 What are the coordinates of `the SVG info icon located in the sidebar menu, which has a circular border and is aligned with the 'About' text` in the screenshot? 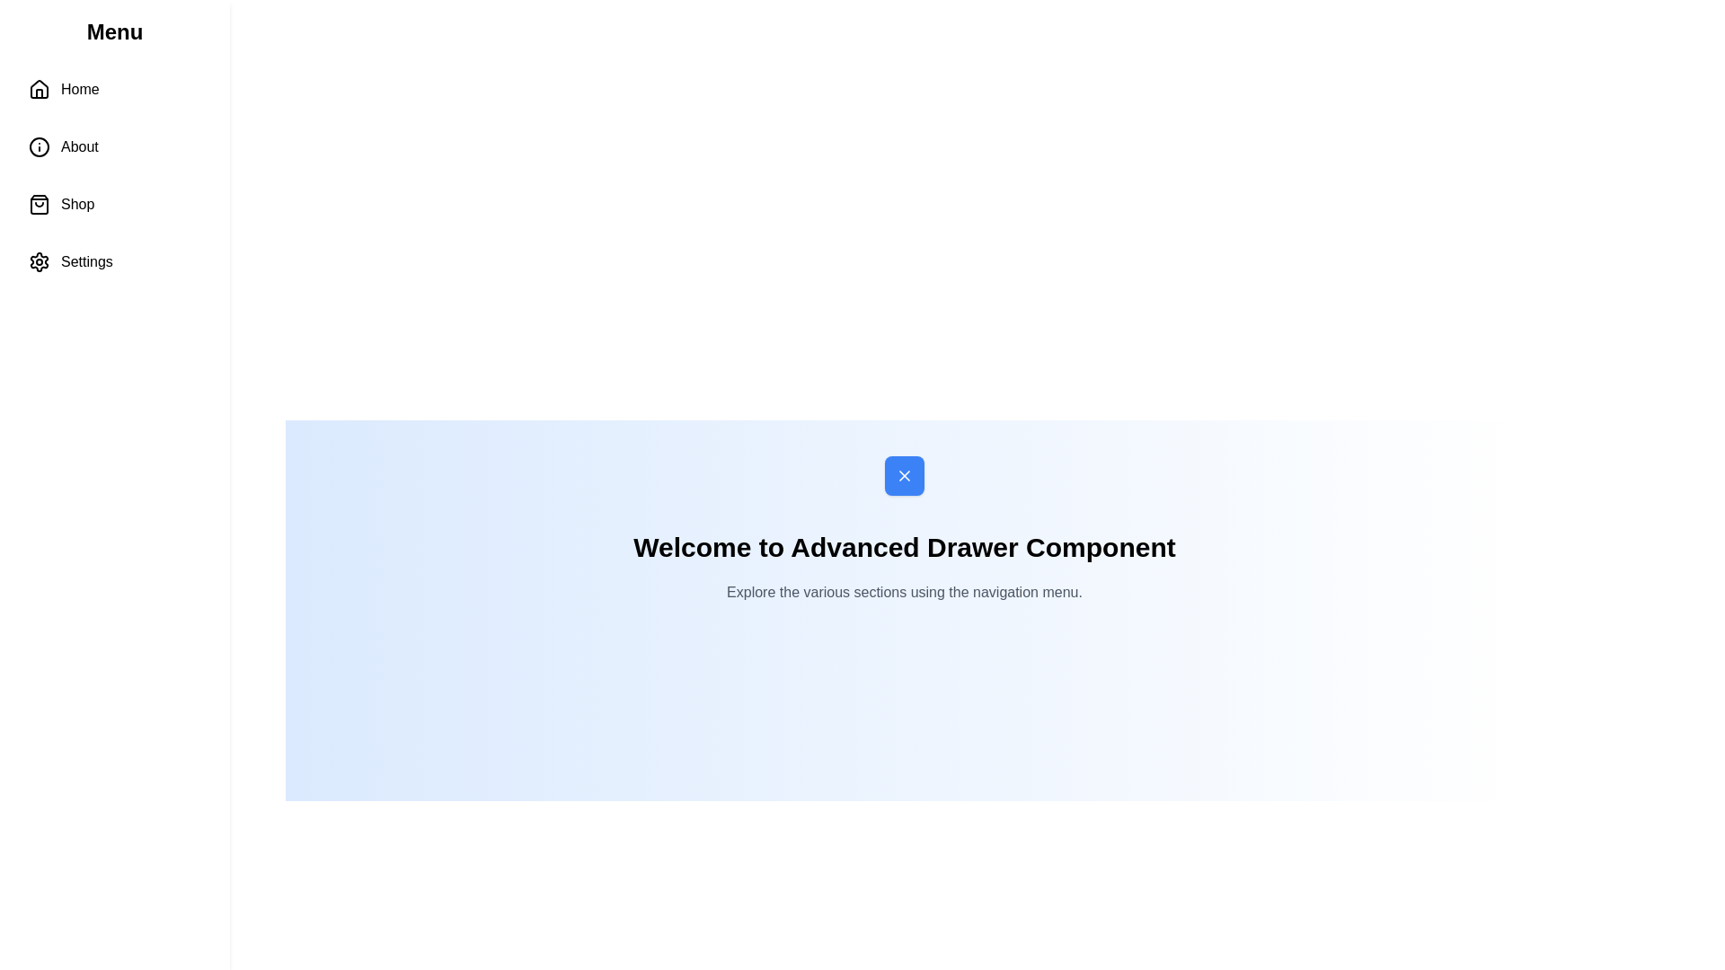 It's located at (39, 146).